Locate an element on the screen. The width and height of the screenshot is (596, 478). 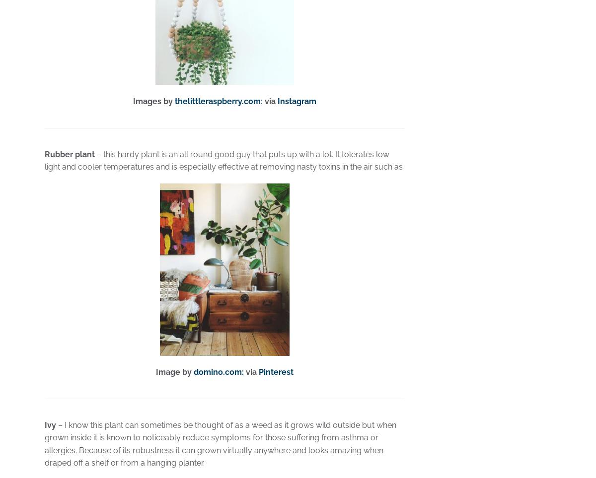
'via' is located at coordinates (251, 371).